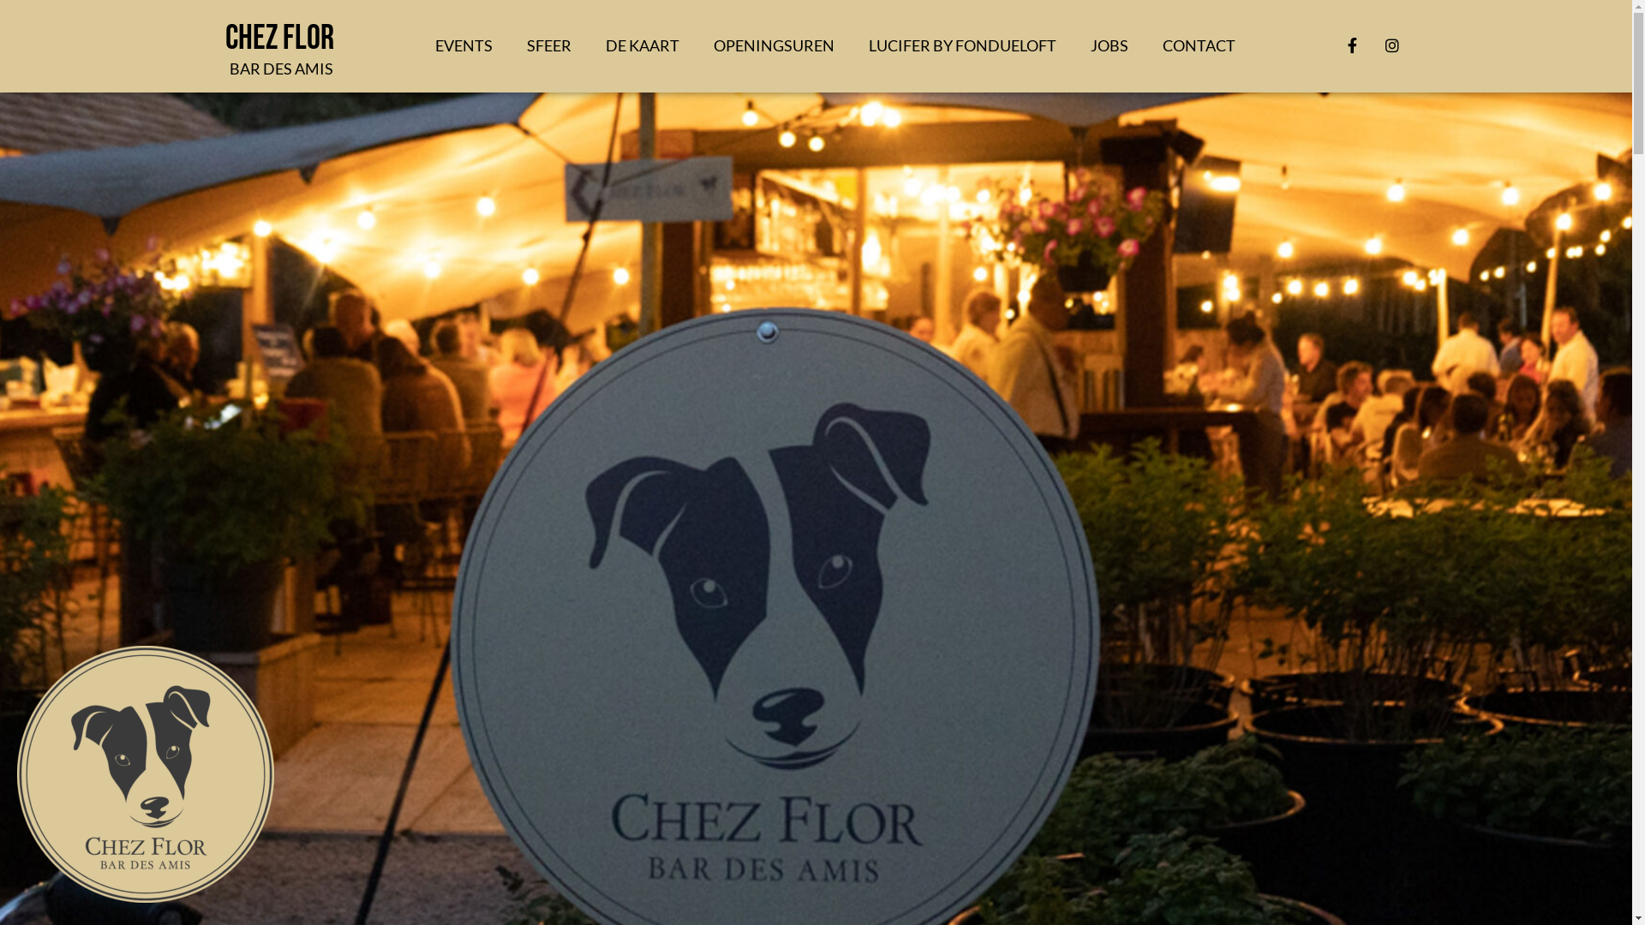 The image size is (1645, 925). Describe the element at coordinates (281, 66) in the screenshot. I see `'BAR DES AMIS'` at that location.